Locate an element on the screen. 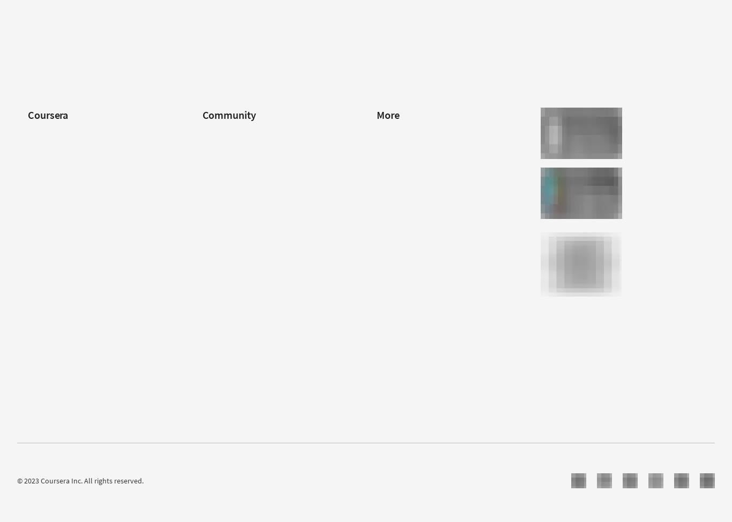 The image size is (732, 522). 'Intuit Academy Bookkeeping Professional Certificate' is located at coordinates (268, 18).